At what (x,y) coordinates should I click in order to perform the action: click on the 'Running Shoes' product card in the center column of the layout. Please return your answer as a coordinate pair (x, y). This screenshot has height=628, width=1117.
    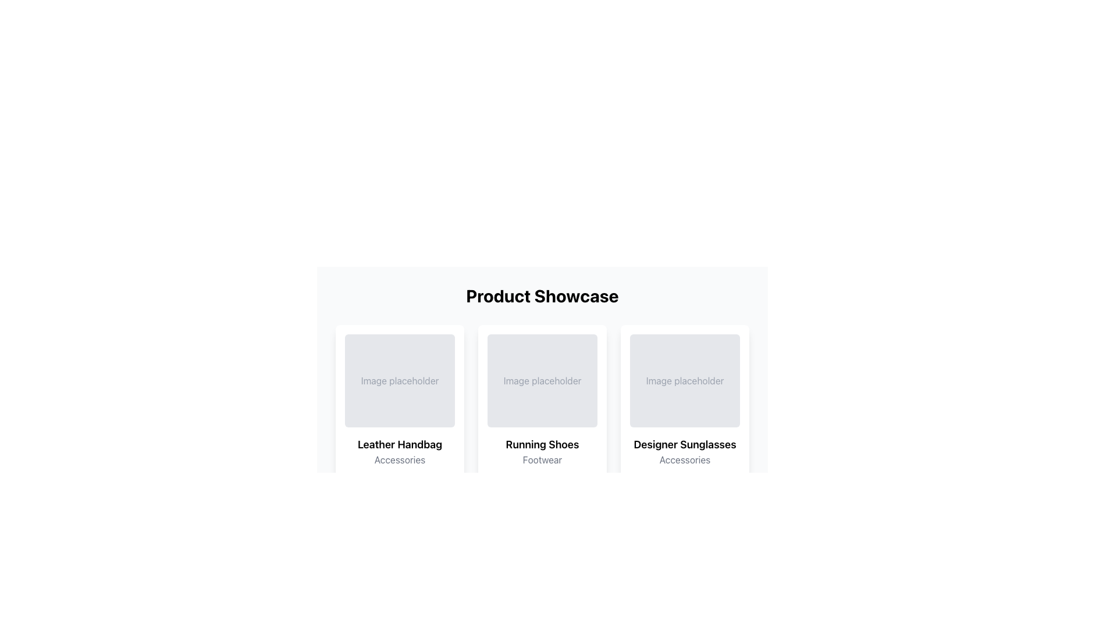
    Looking at the image, I should click on (542, 450).